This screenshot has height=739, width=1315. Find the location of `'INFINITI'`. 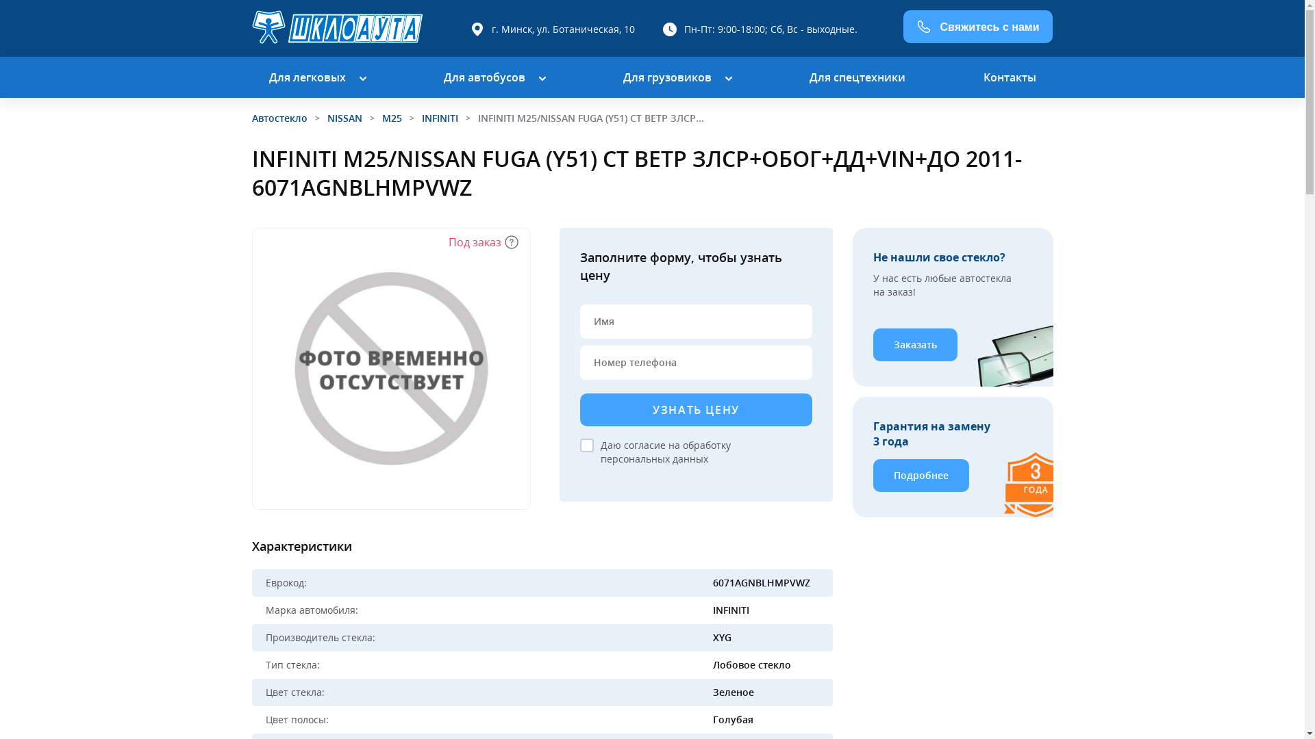

'INFINITI' is located at coordinates (440, 117).